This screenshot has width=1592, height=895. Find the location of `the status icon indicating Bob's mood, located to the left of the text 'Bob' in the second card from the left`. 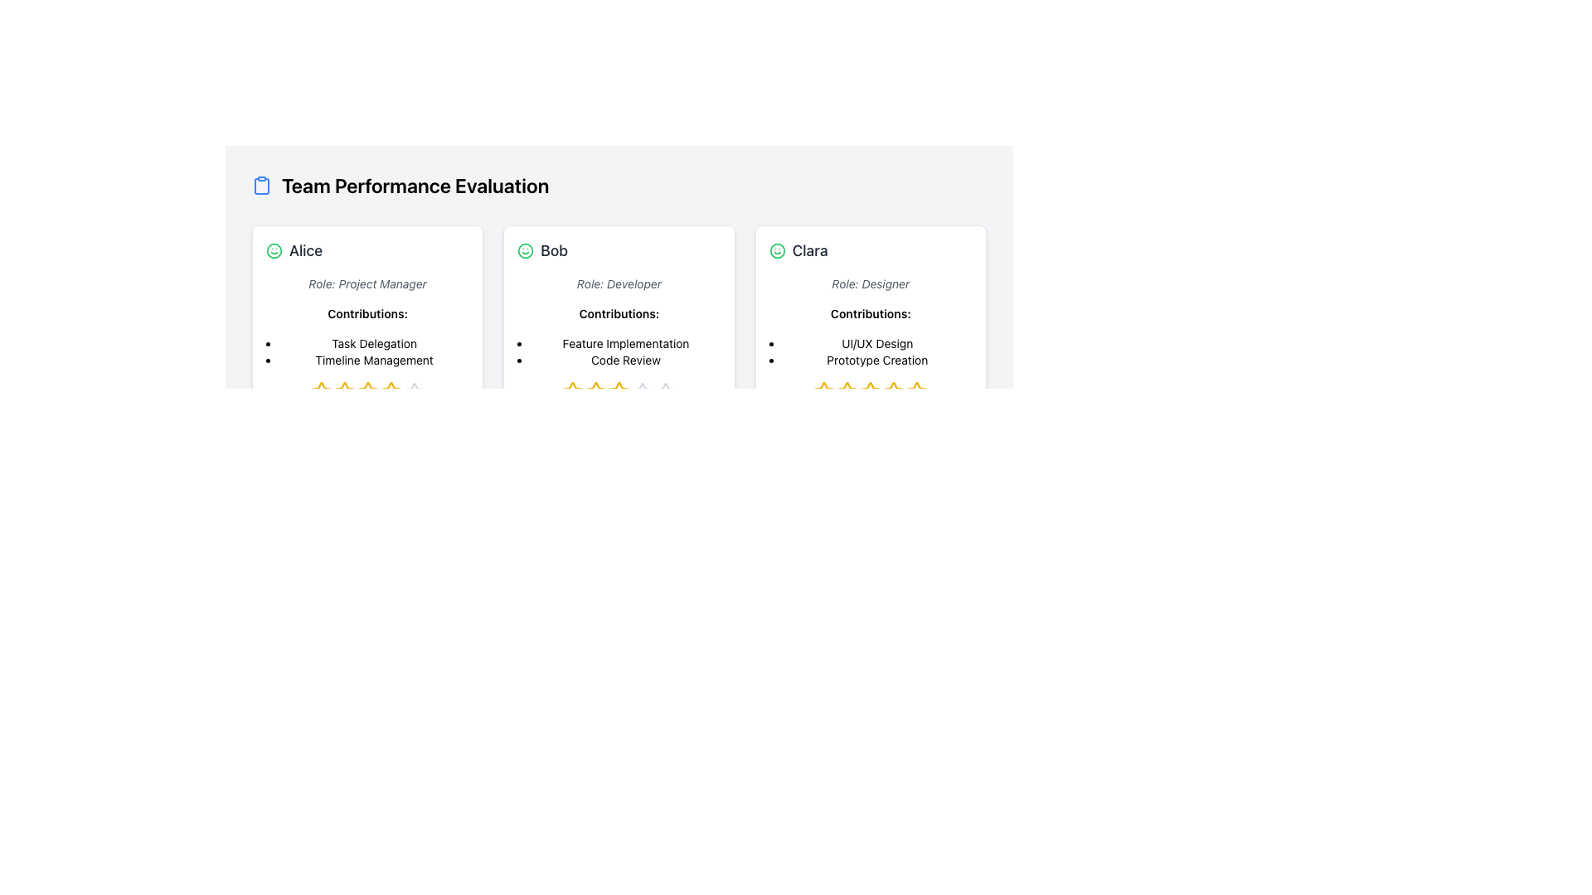

the status icon indicating Bob's mood, located to the left of the text 'Bob' in the second card from the left is located at coordinates (525, 251).